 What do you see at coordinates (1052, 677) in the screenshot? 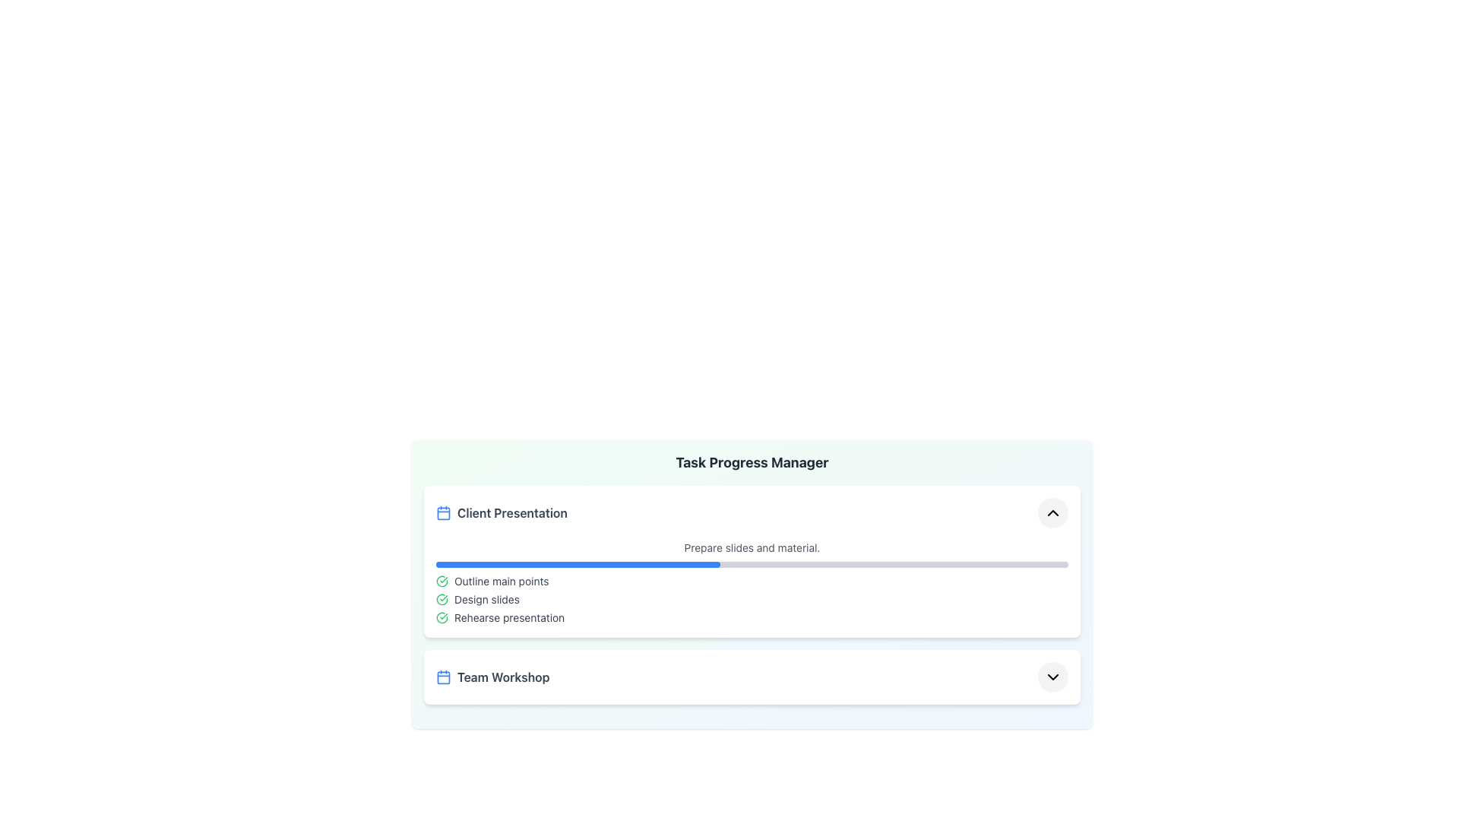
I see `the expand/collapse icon for the 'Team Workshop' task, located near the right edge of the task's text` at bounding box center [1052, 677].